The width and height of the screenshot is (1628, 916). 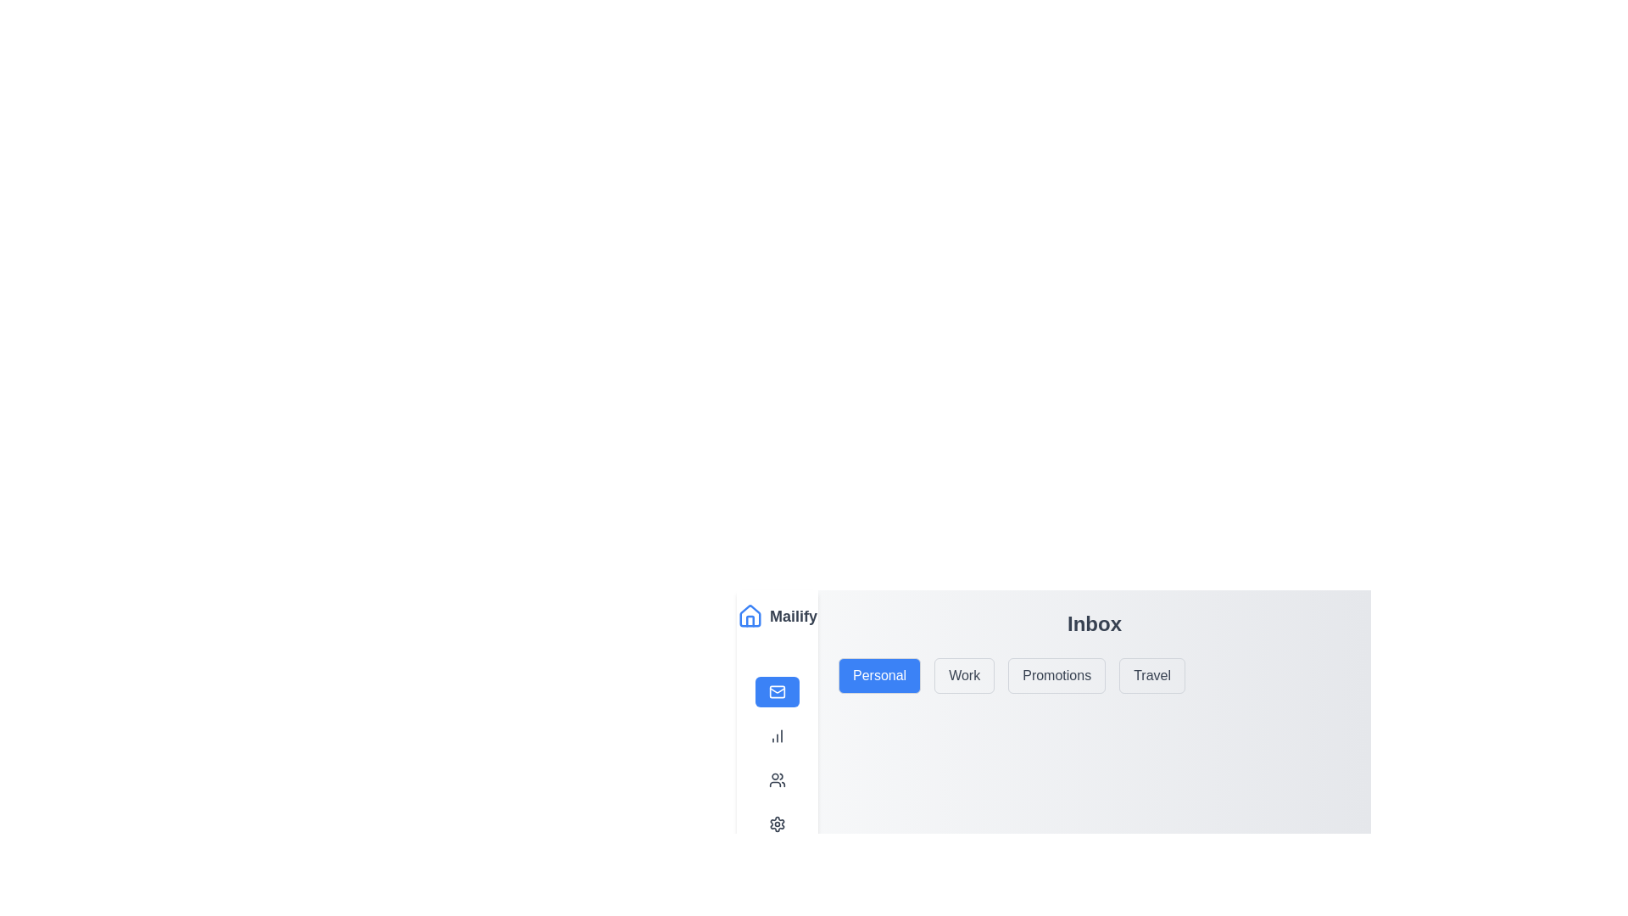 I want to click on the 'Travel' category selection button located in the horizontal button group, positioned below the 'Inbox' header, so click(x=1151, y=675).